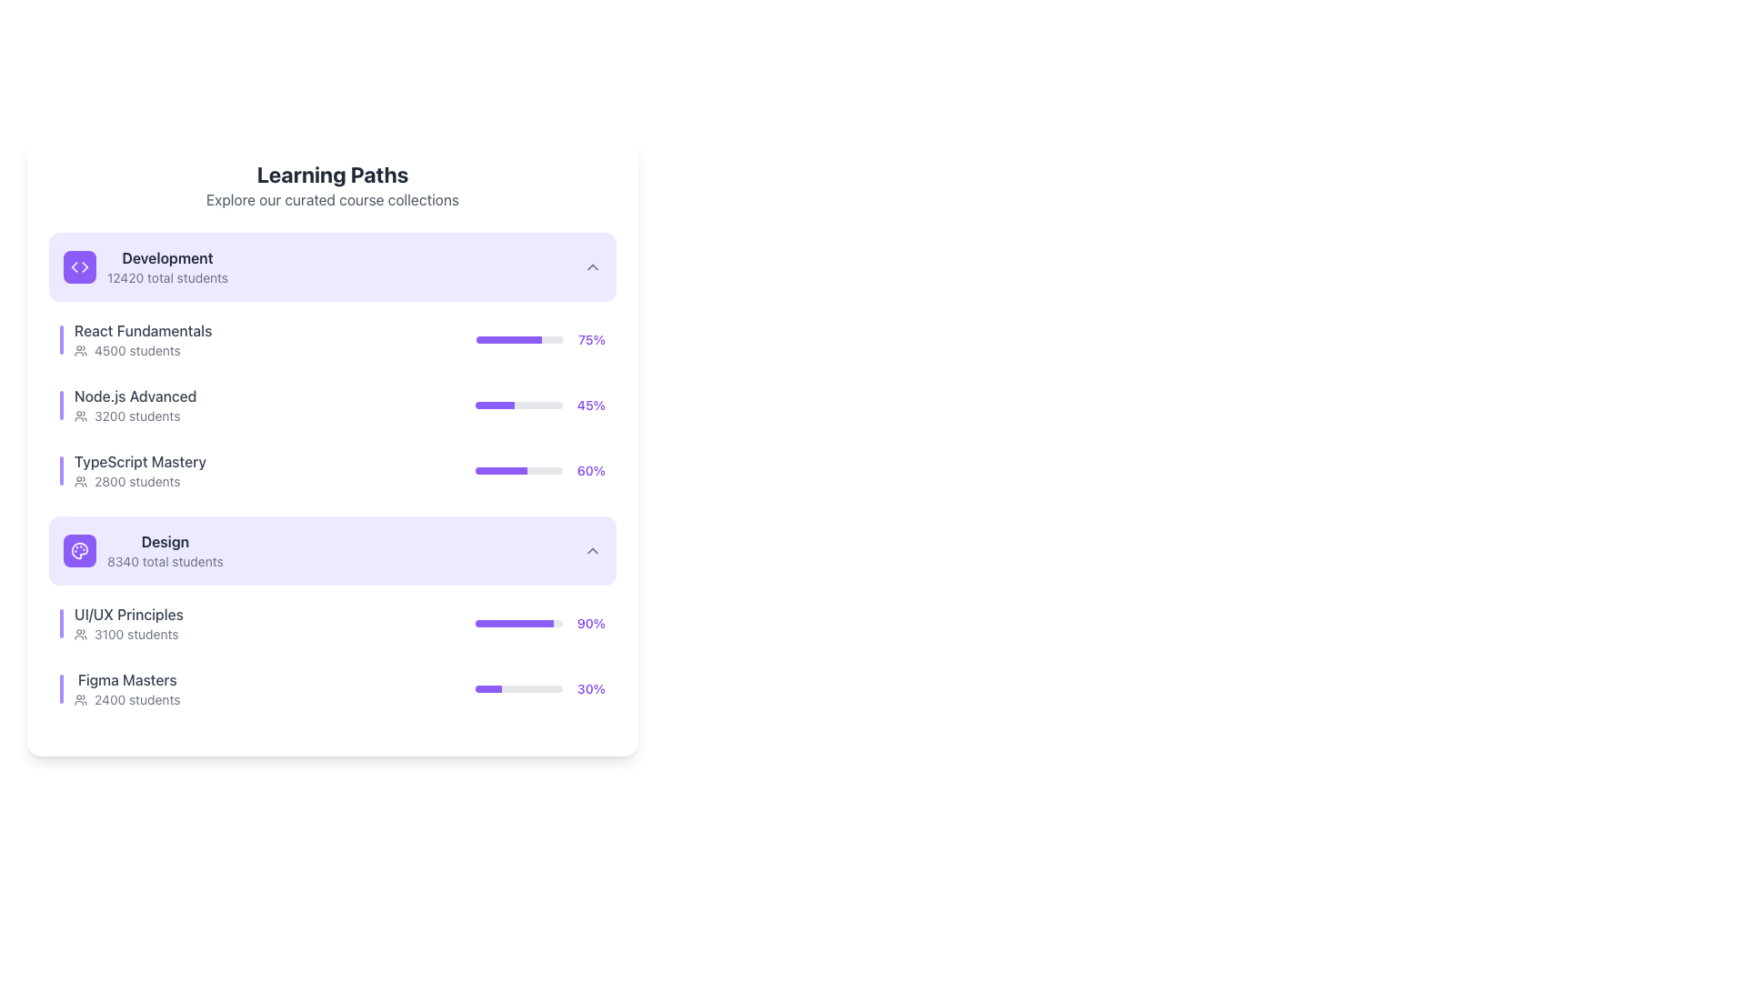 The height and width of the screenshot is (982, 1746). I want to click on the Toggle icon located in the top-right corner of the 'Development' section header, which features a downward-pointing chevron design, so click(593, 266).